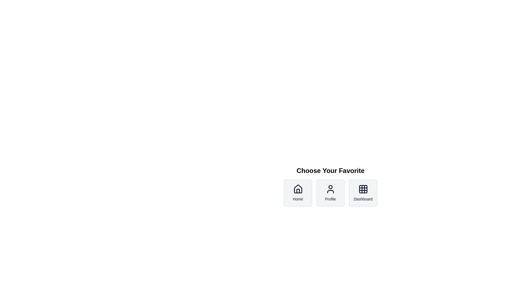 This screenshot has width=528, height=297. I want to click on the centered vertical stack containing the title 'Choose Your Favorite' and the interactive cards labeled 'Home,' 'Profile,' and 'Dashboard.', so click(330, 186).